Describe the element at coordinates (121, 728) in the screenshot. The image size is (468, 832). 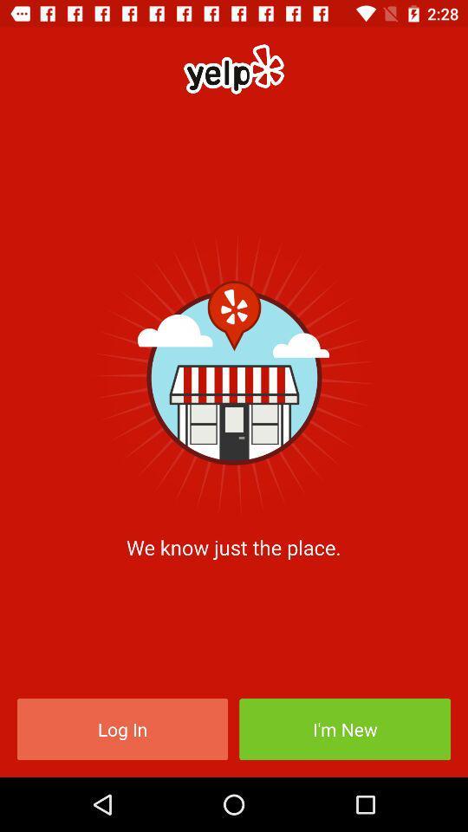
I see `the log in item` at that location.